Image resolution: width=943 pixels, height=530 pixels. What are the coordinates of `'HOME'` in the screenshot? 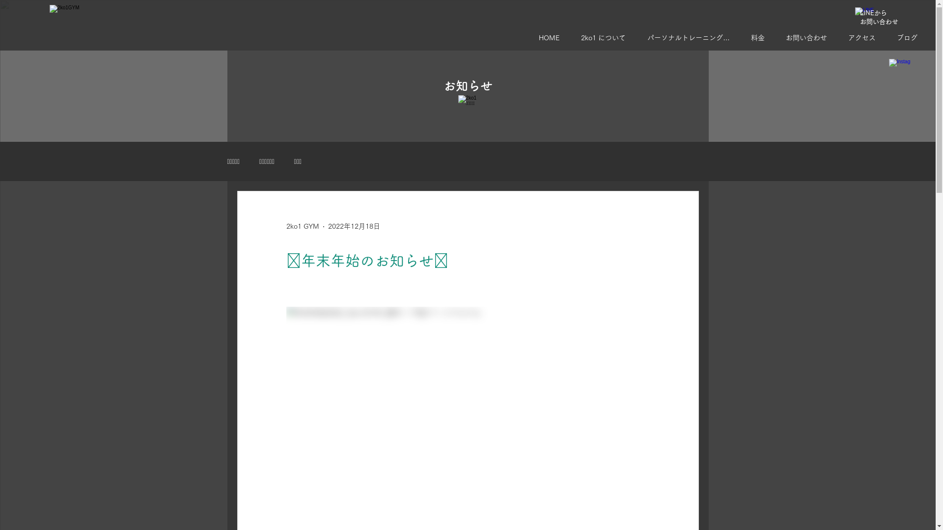 It's located at (530, 37).